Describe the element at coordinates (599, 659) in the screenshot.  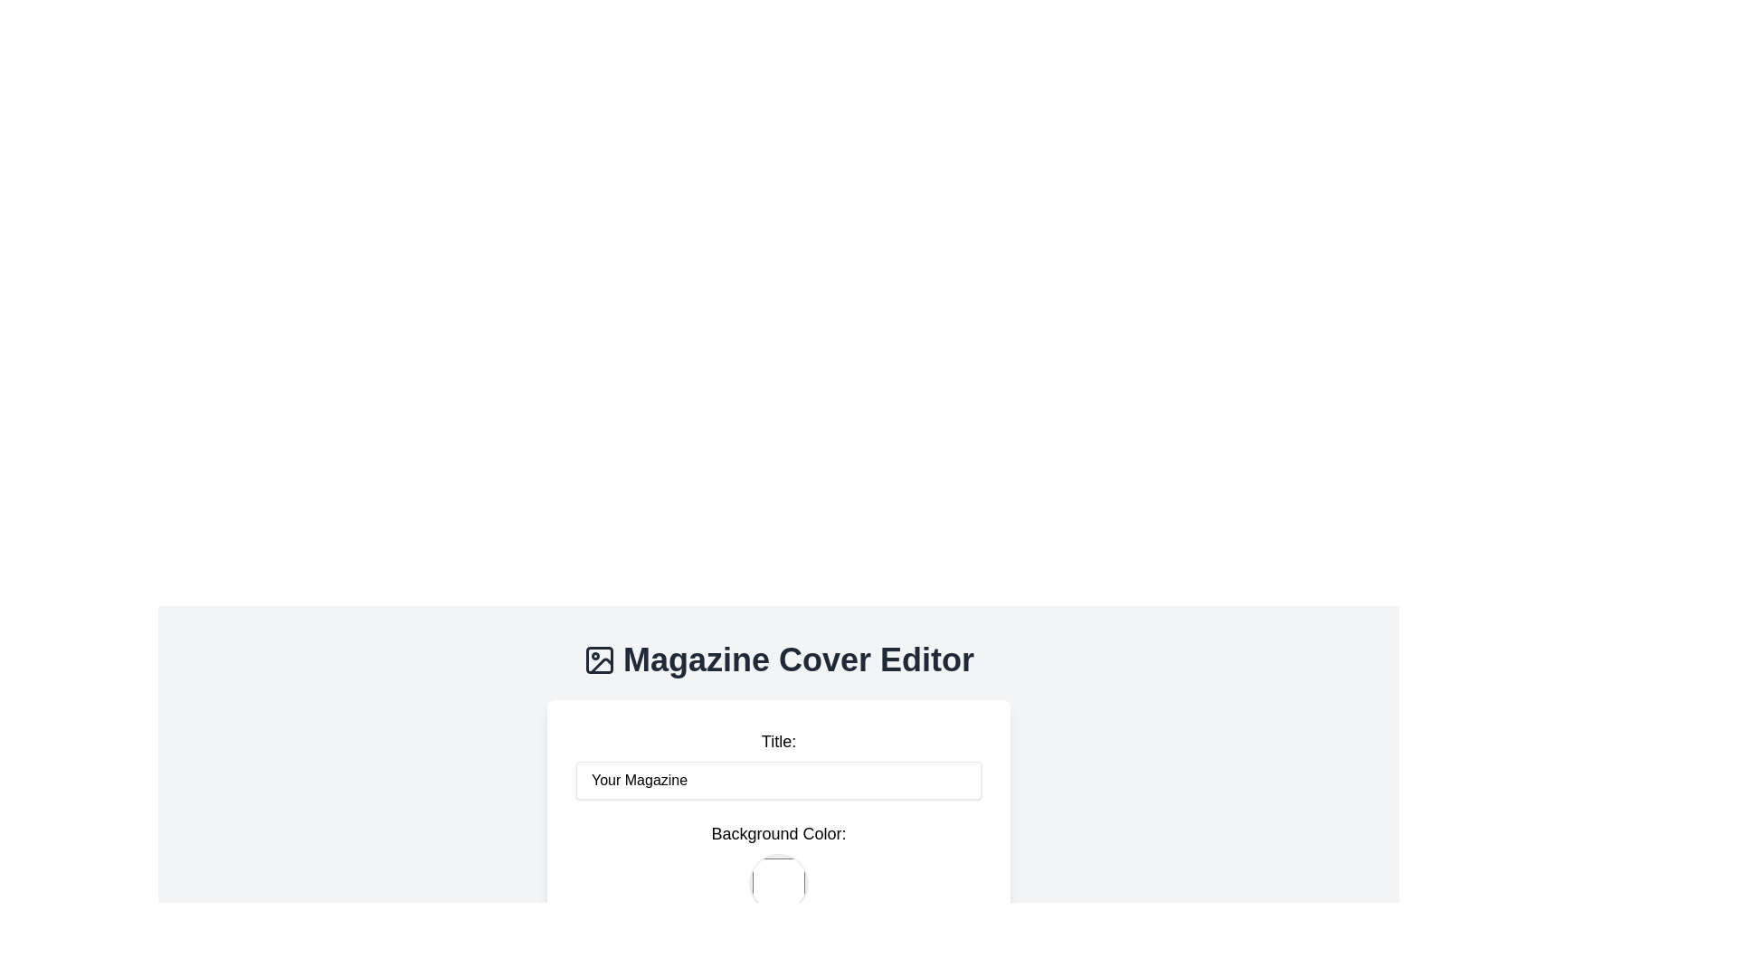
I see `the icon located to the left of the title 'Magazine Cover Editor' in the header section of the interface` at that location.